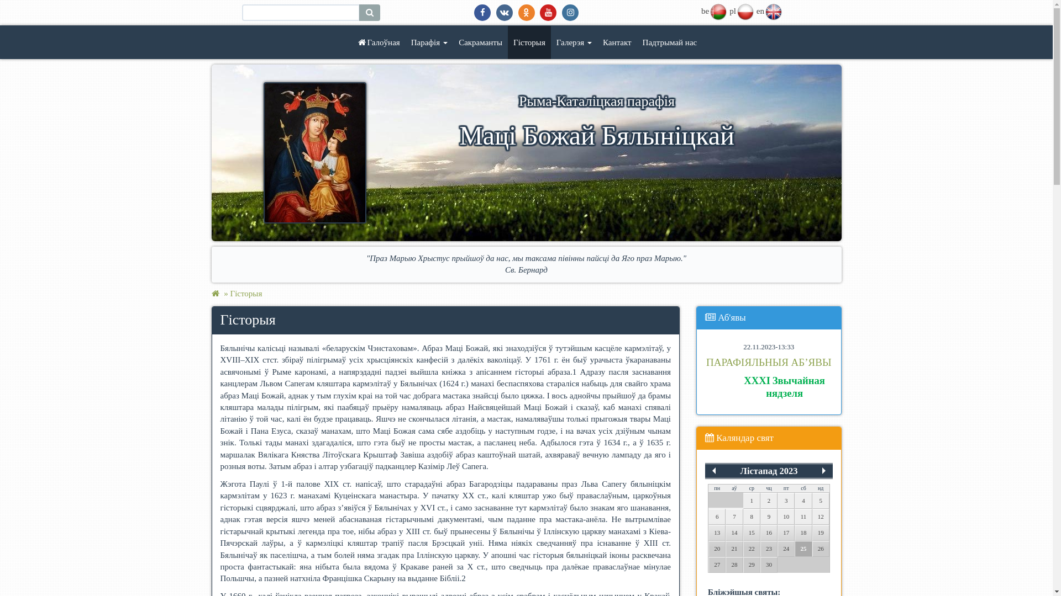  What do you see at coordinates (824, 470) in the screenshot?
I see `'next'` at bounding box center [824, 470].